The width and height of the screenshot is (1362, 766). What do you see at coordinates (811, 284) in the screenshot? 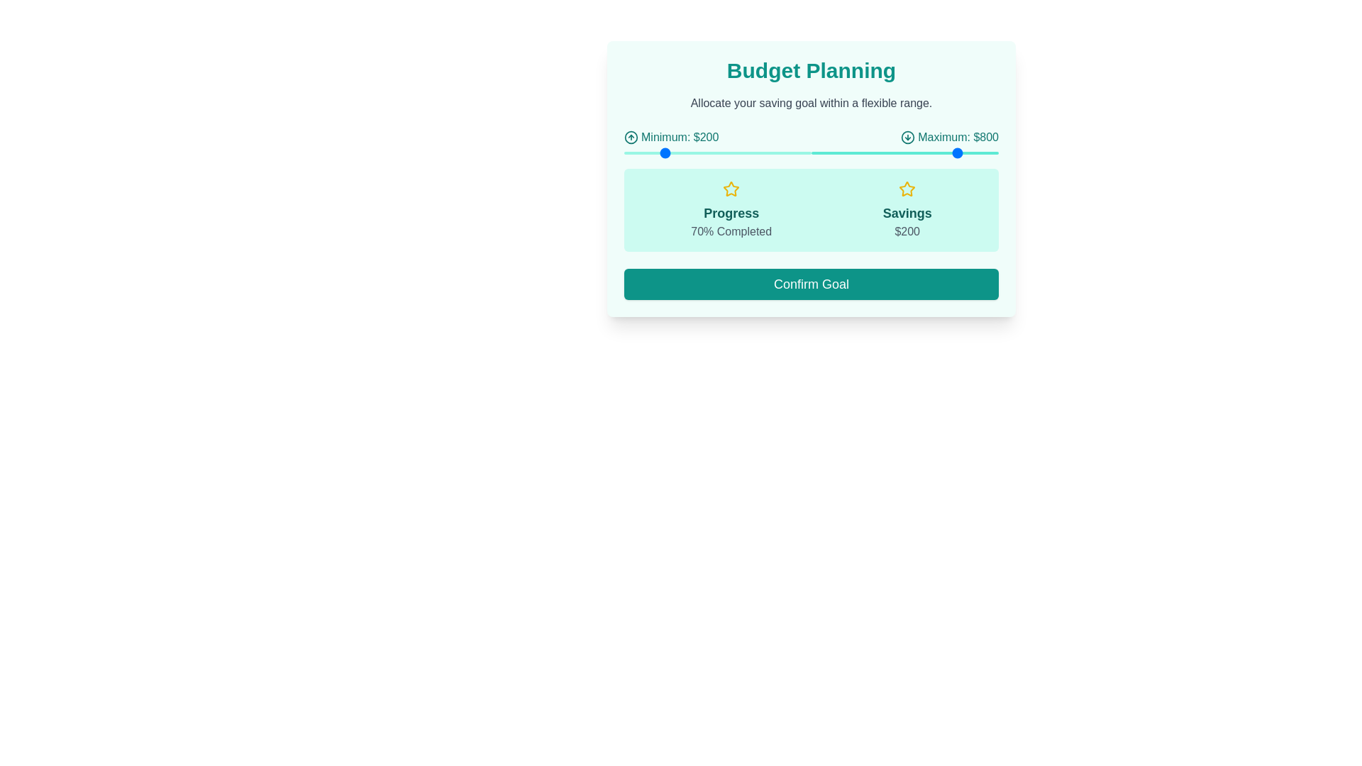
I see `the rectangular button with a teal background and white text that reads 'Confirm Goal'` at bounding box center [811, 284].